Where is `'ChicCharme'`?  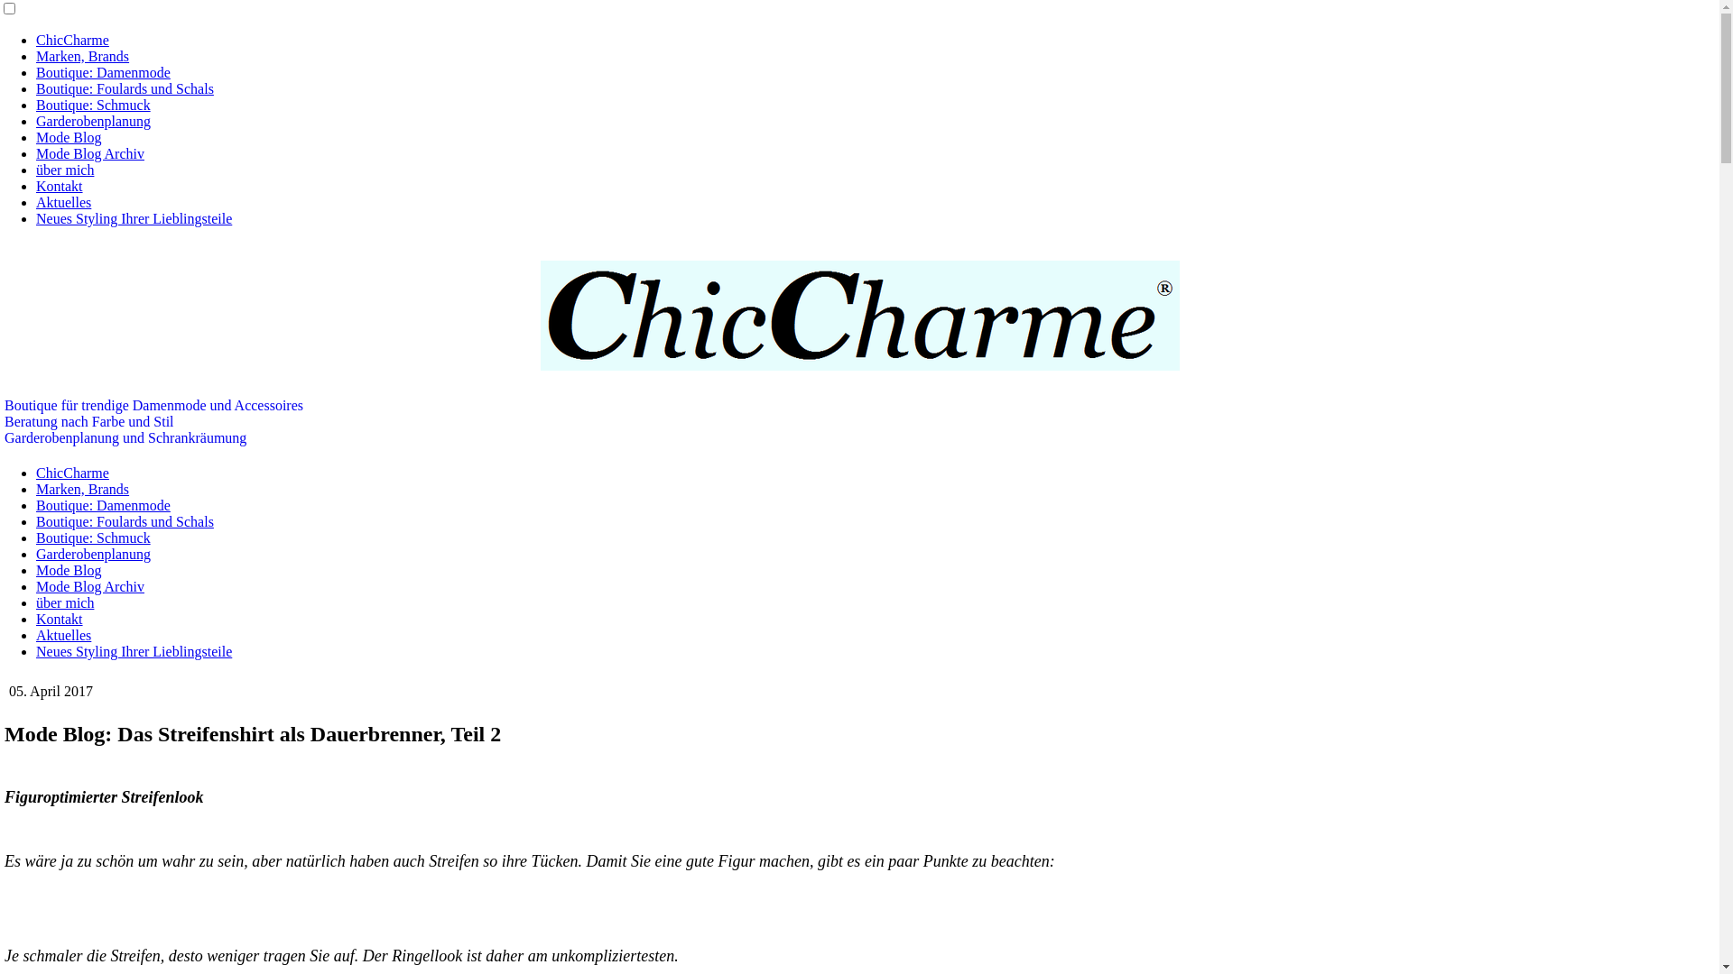 'ChicCharme' is located at coordinates (72, 40).